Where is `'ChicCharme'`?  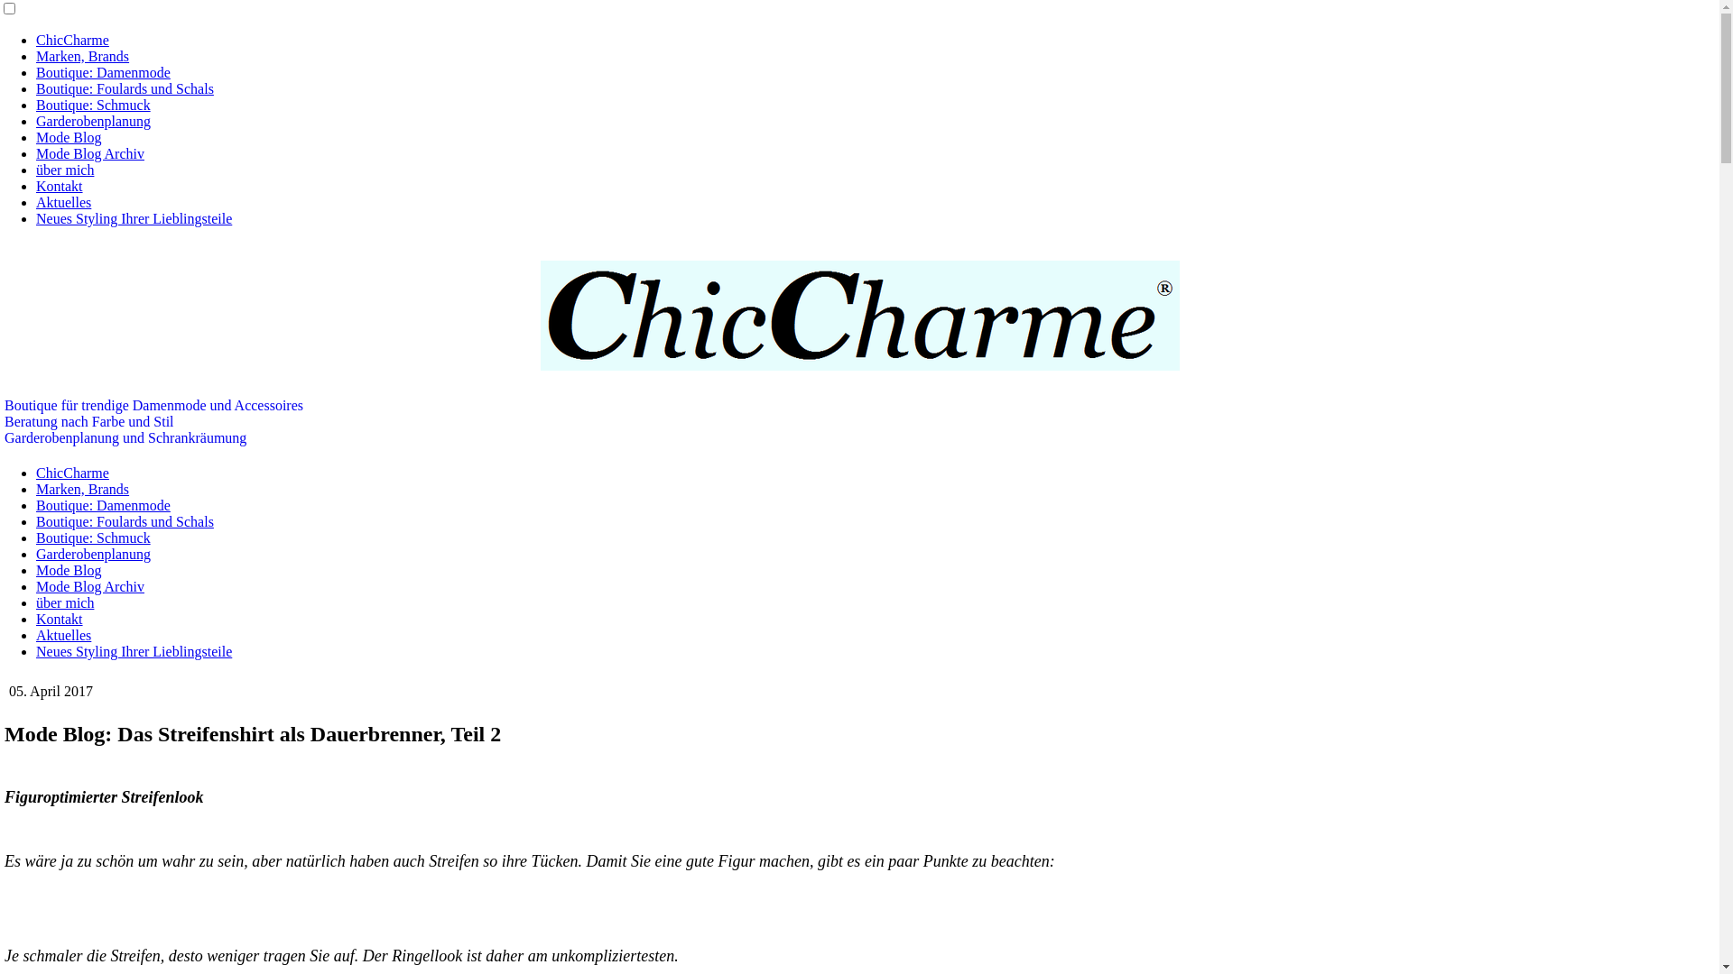 'ChicCharme' is located at coordinates (72, 40).